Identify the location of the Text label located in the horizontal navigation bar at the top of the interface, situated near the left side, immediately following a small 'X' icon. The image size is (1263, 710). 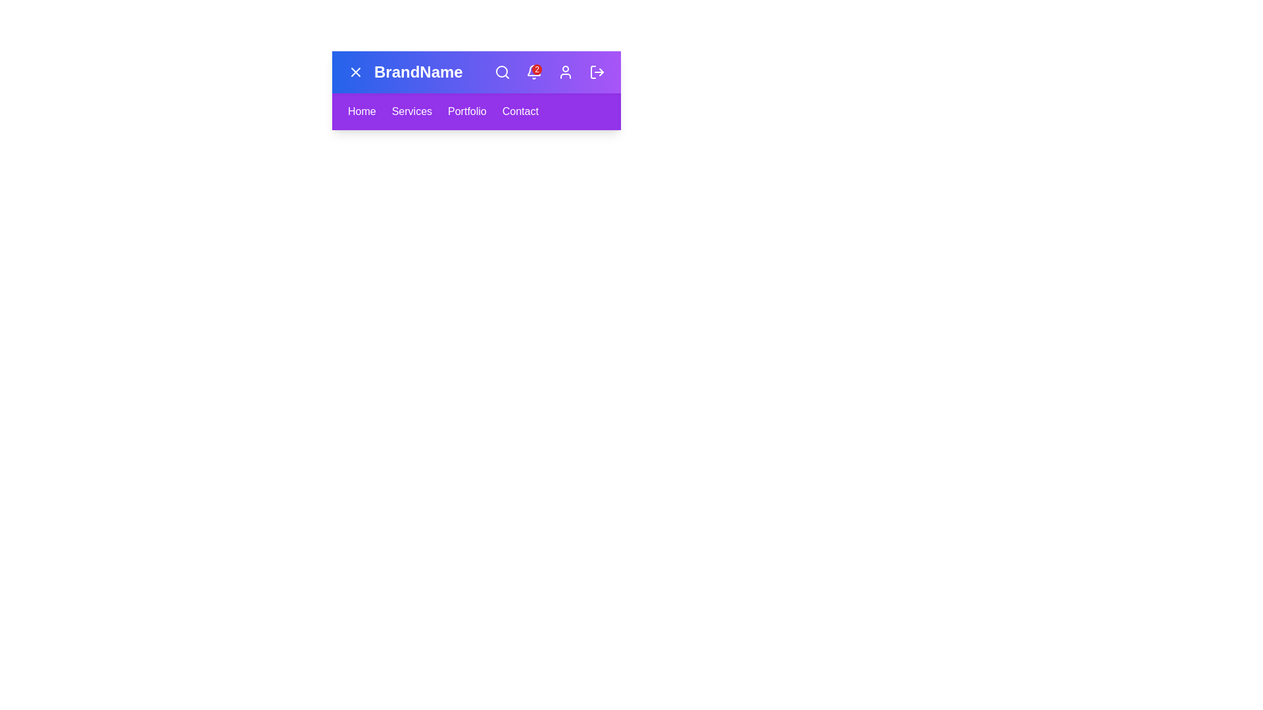
(405, 72).